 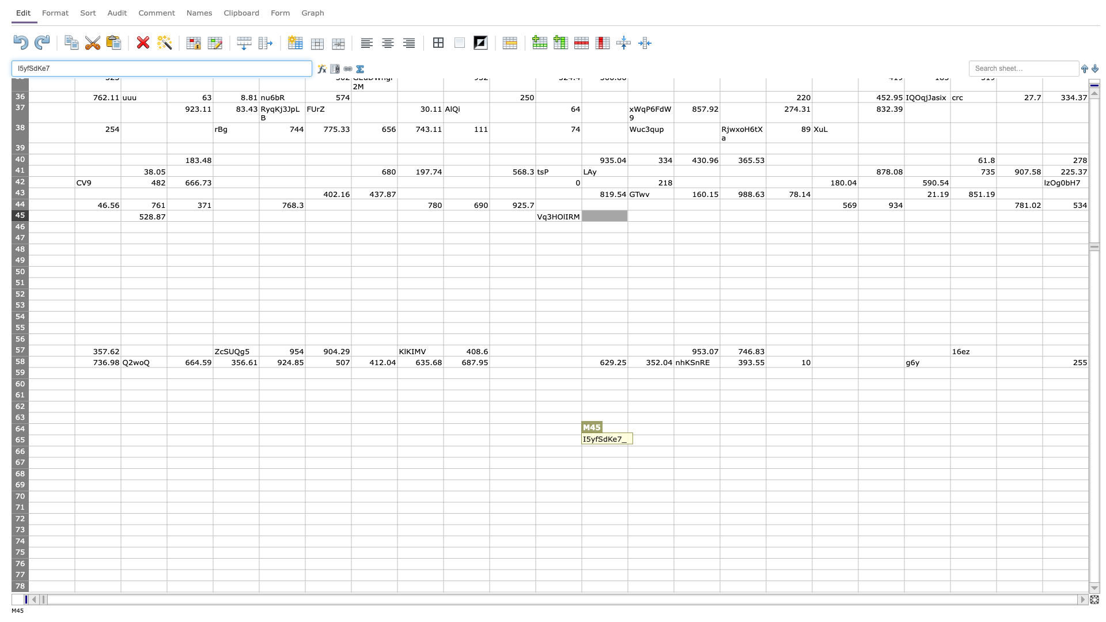 I want to click on bottom right corner of cell Q65, so click(x=812, y=445).